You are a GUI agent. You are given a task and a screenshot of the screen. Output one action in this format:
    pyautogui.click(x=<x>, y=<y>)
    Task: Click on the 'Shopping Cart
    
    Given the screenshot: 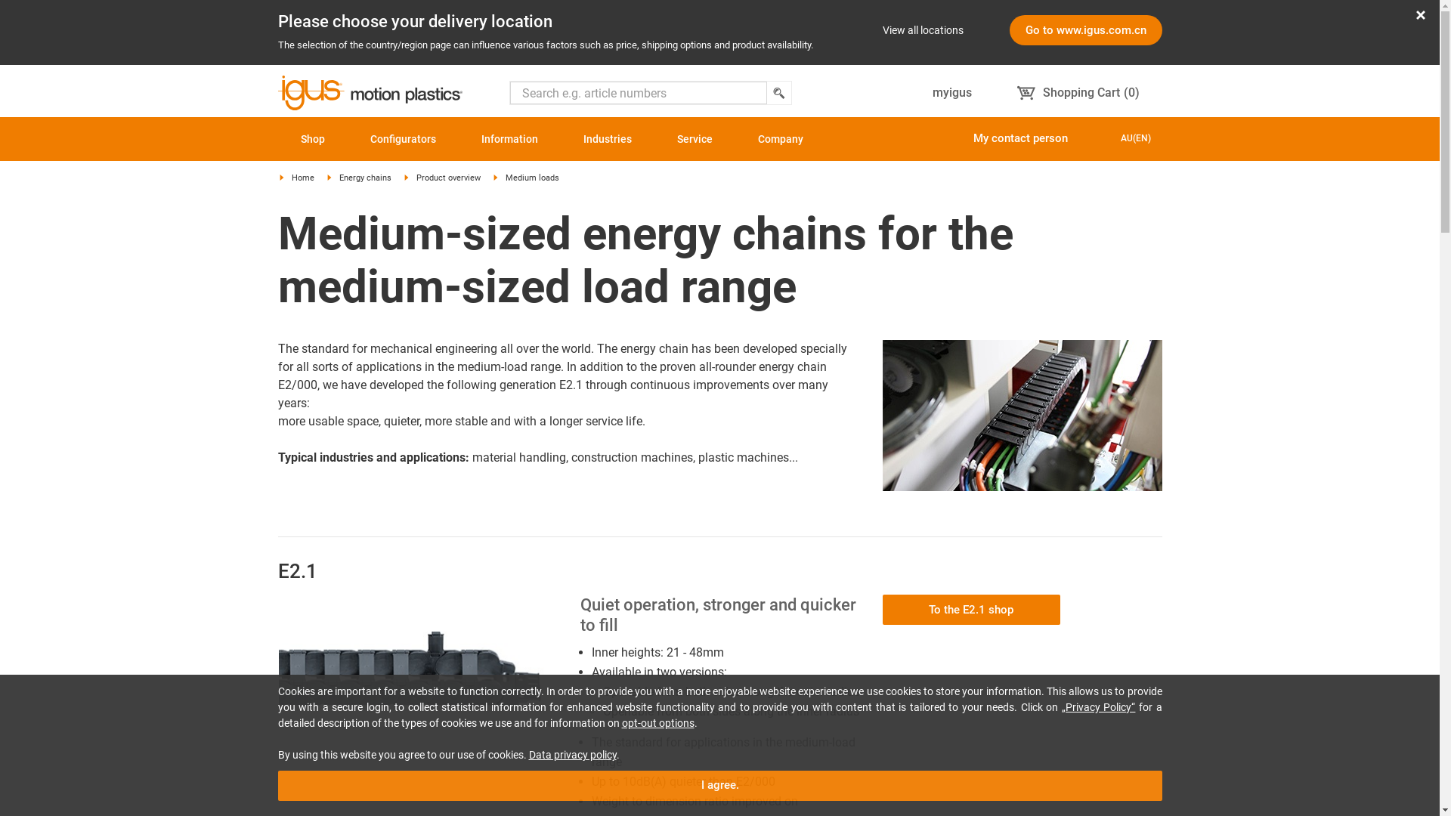 What is the action you would take?
    pyautogui.click(x=1077, y=93)
    